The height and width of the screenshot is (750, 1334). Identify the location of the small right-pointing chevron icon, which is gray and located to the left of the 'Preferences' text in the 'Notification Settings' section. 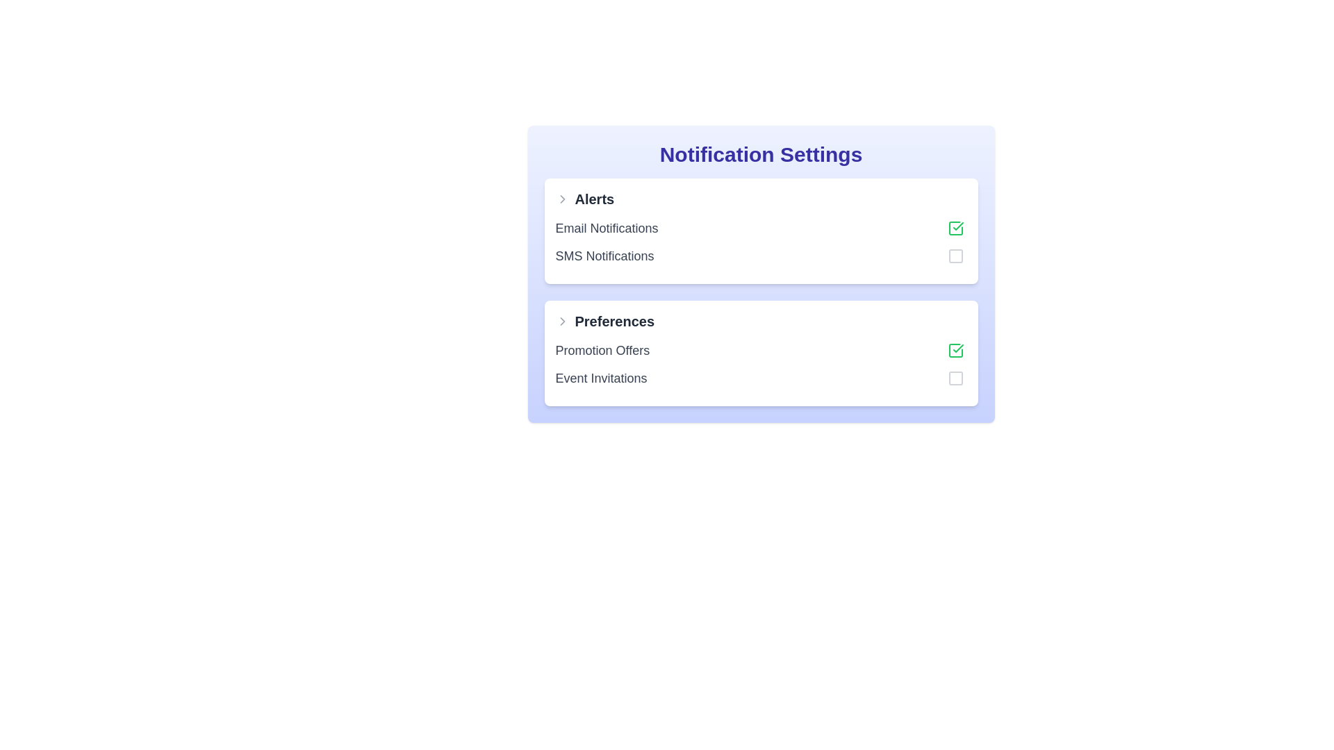
(562, 321).